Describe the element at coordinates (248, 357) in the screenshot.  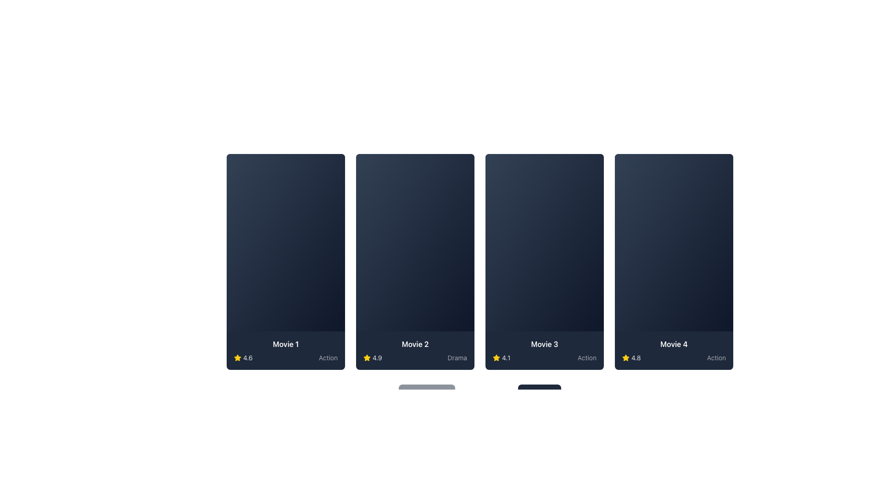
I see `the text label displaying the rating value '4.6', which is located to the right of a yellow star icon in the bottom left corner of the card for 'Movie 1'` at that location.